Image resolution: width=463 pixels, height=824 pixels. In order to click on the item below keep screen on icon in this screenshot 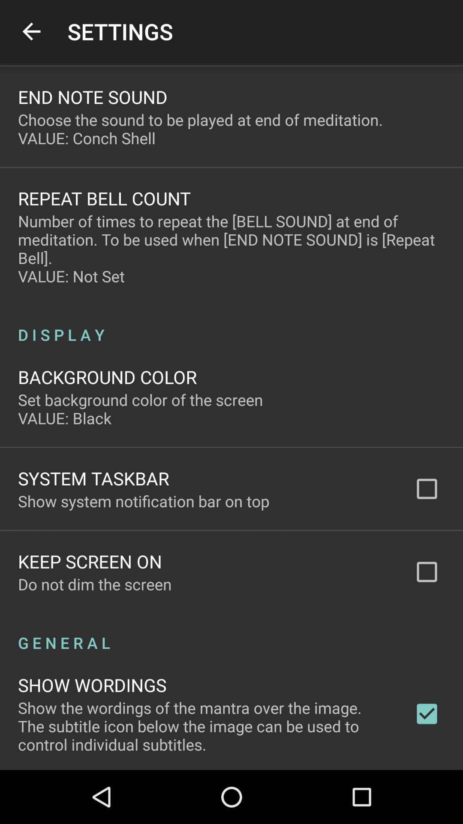, I will do `click(95, 584)`.